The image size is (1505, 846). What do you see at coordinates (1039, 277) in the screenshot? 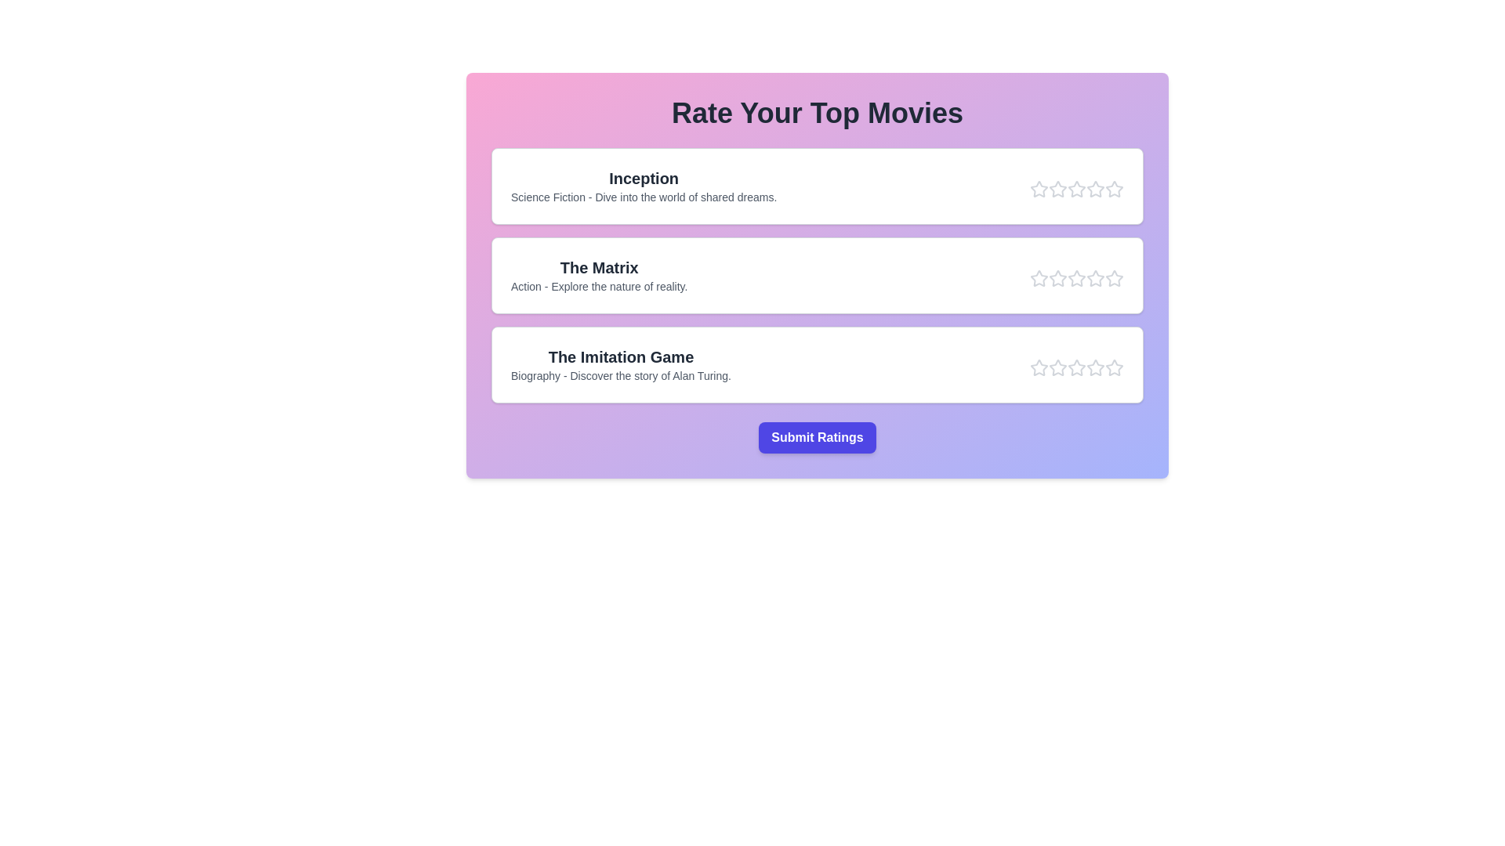
I see `the star corresponding to the rating 1 for the movie The Matrix` at bounding box center [1039, 277].